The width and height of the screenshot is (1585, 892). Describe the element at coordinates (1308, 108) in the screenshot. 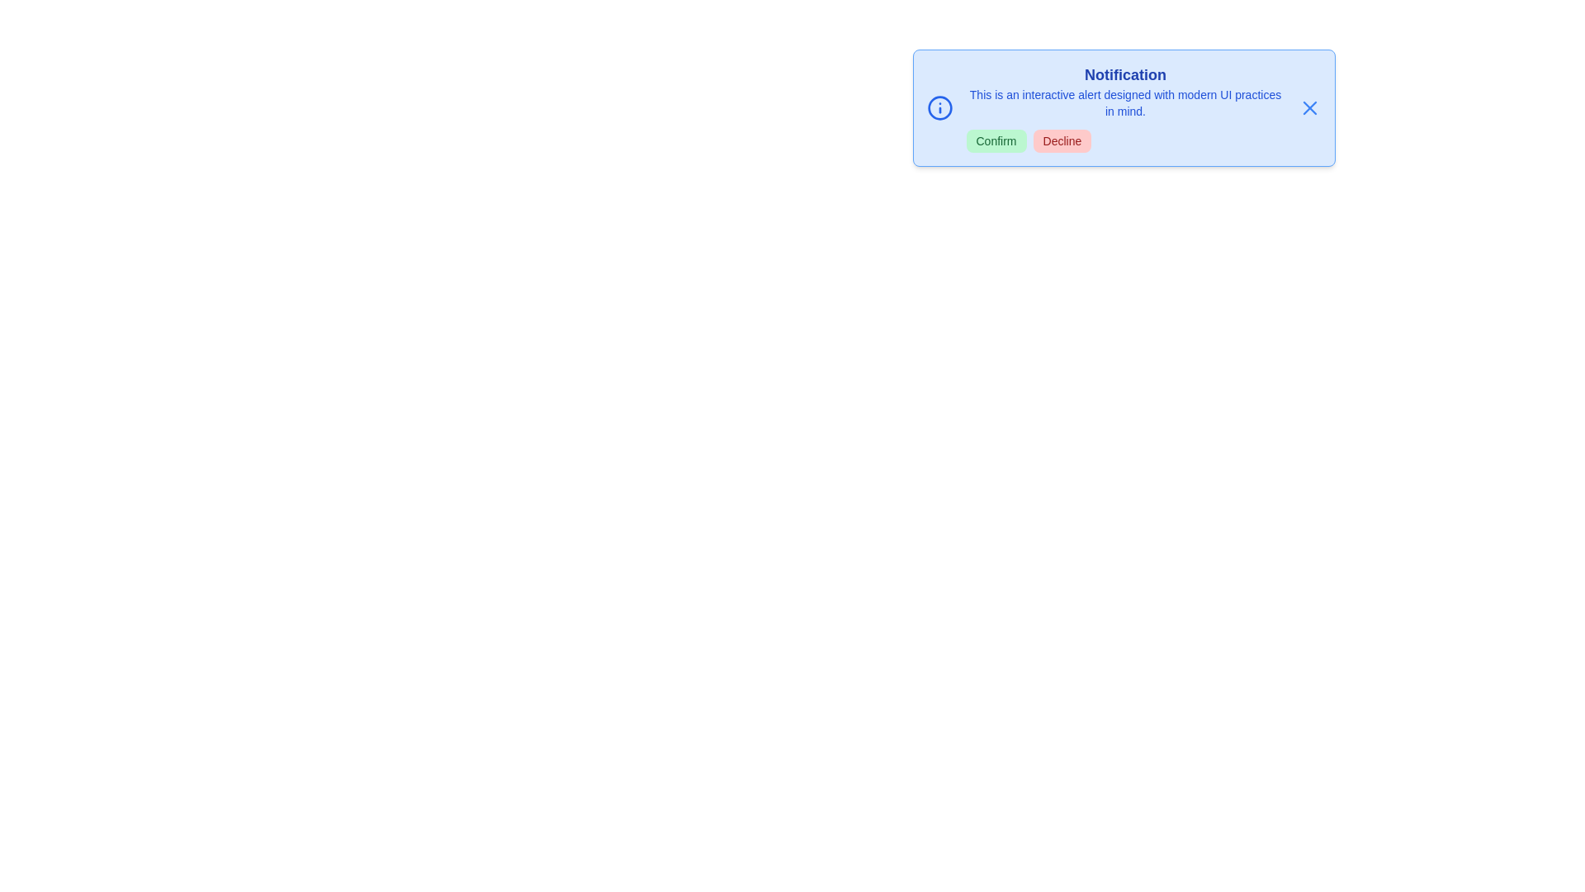

I see `the 'Close' button to dismiss the alert` at that location.